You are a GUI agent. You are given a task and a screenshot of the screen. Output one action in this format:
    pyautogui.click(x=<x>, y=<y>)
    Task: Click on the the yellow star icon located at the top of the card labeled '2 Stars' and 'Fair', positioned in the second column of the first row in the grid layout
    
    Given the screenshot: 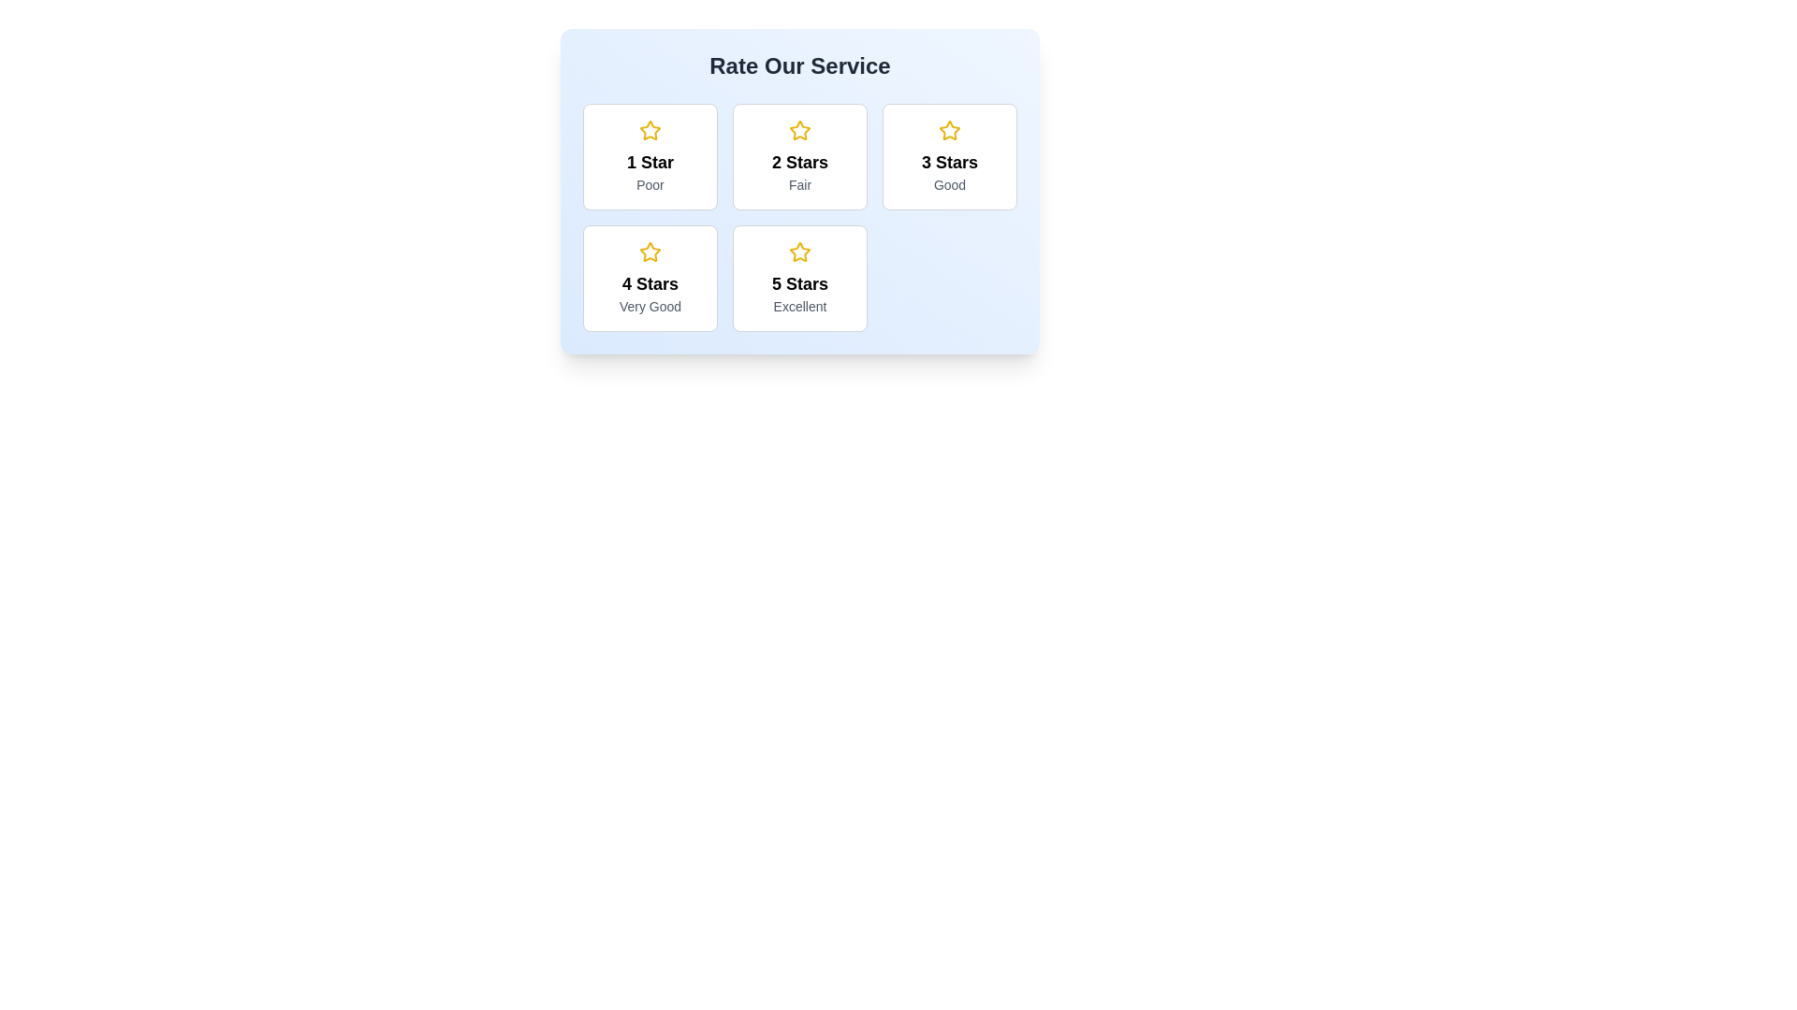 What is the action you would take?
    pyautogui.click(x=799, y=129)
    